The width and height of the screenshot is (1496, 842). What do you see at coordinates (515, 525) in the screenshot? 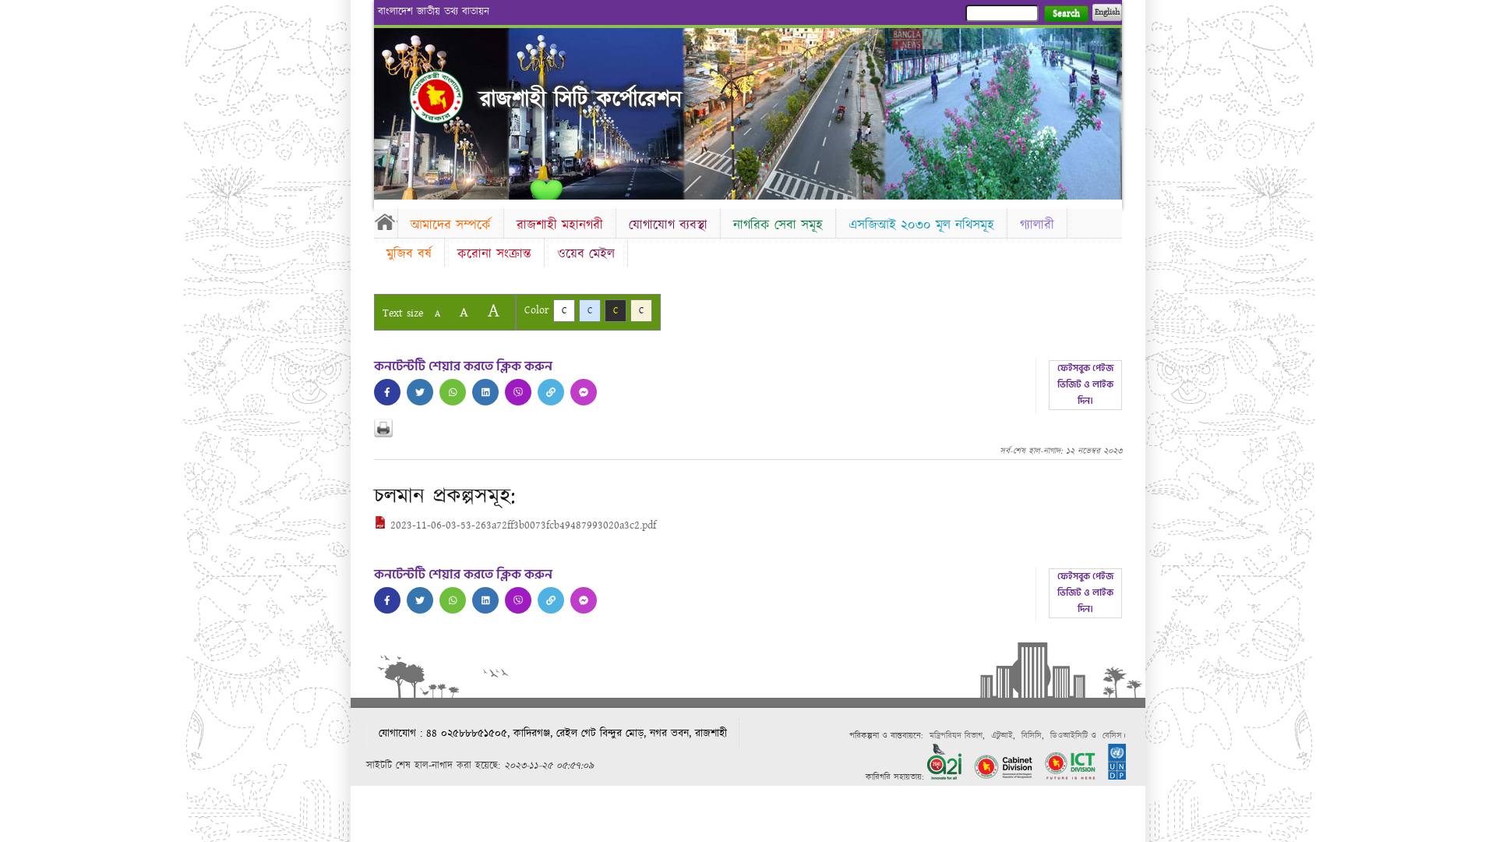
I see `'2023-11-06-03-53-263a72ff3b0073fcb49487993020a3c2.pdf'` at bounding box center [515, 525].